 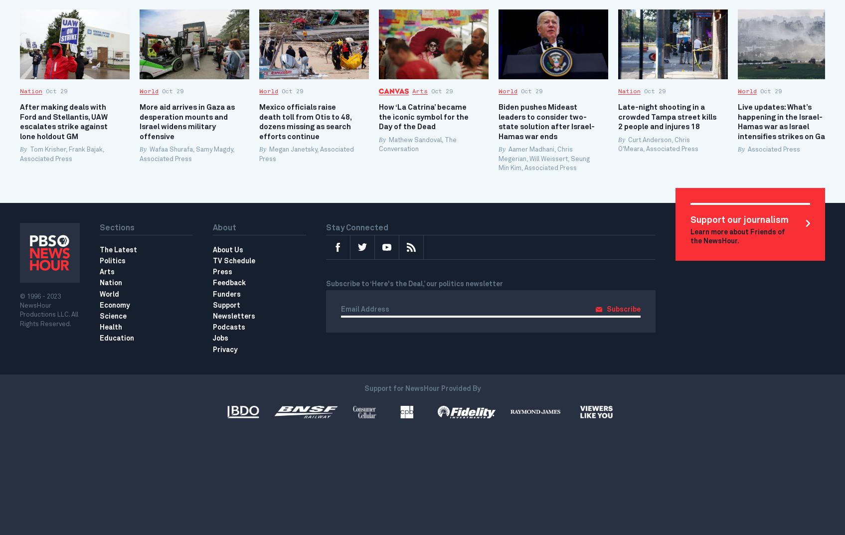 What do you see at coordinates (212, 349) in the screenshot?
I see `'Privacy'` at bounding box center [212, 349].